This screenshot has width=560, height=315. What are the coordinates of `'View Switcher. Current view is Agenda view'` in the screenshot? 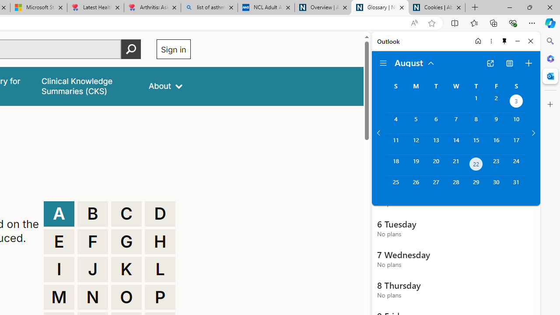 It's located at (510, 63).